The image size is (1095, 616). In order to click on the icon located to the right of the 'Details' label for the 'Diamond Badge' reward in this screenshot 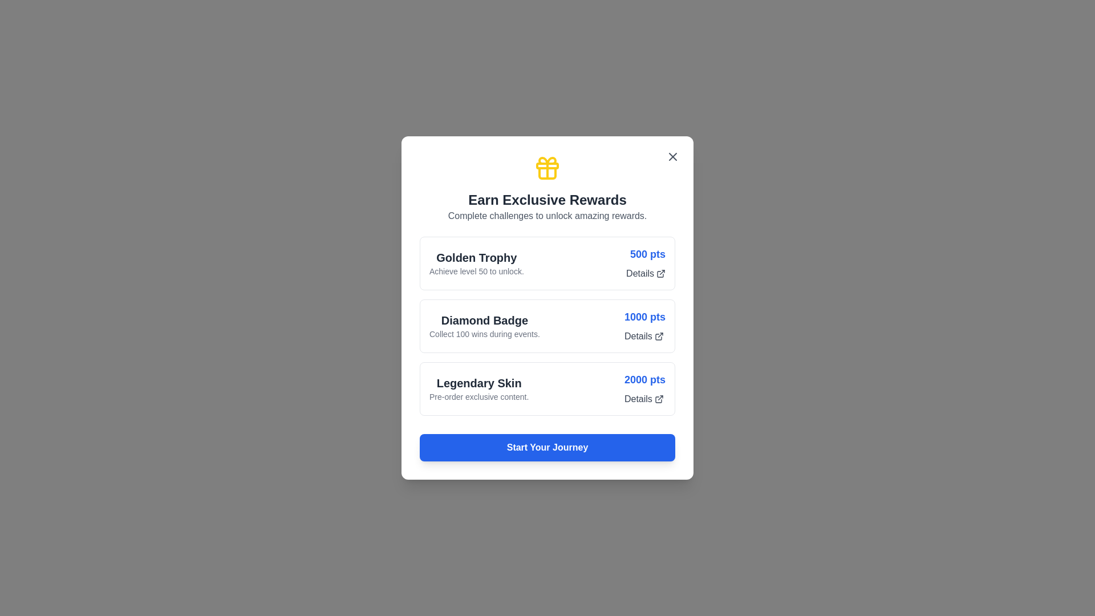, I will do `click(659, 336)`.